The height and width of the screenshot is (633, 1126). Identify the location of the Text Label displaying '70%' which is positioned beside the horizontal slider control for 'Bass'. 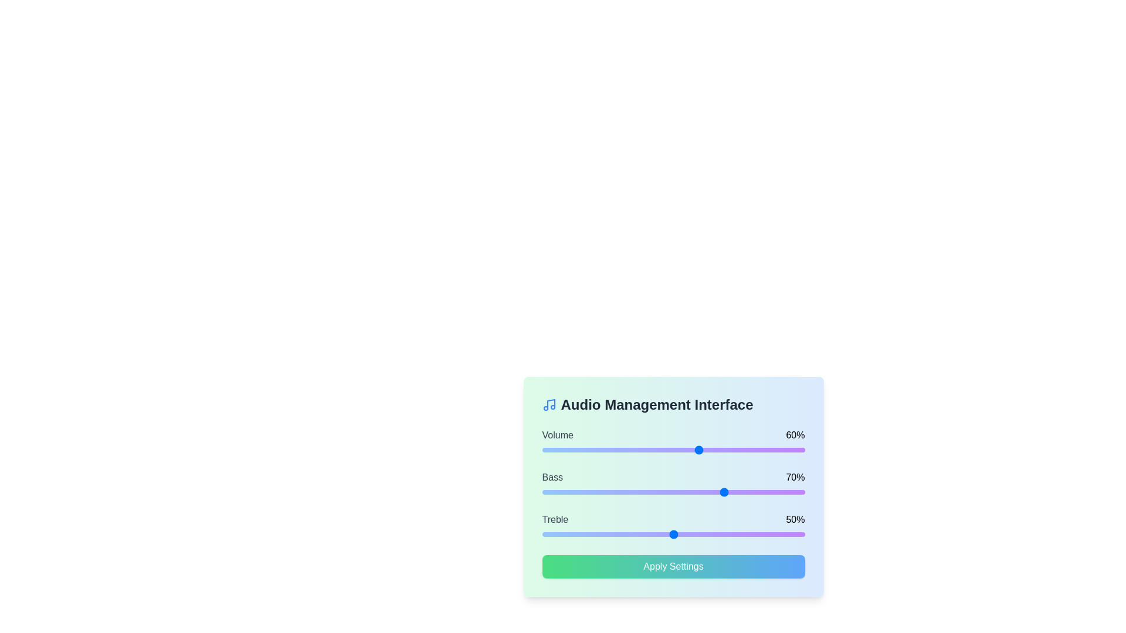
(795, 477).